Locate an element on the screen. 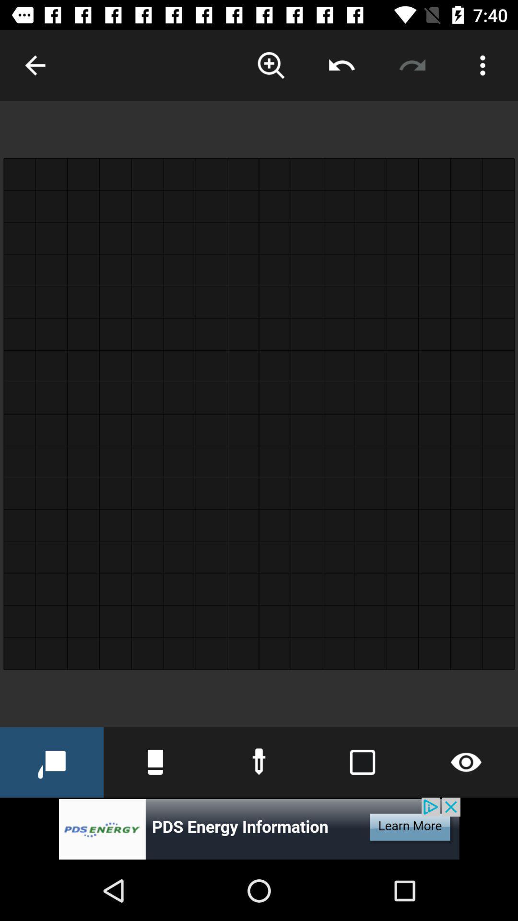  banner advertisement is located at coordinates (259, 828).